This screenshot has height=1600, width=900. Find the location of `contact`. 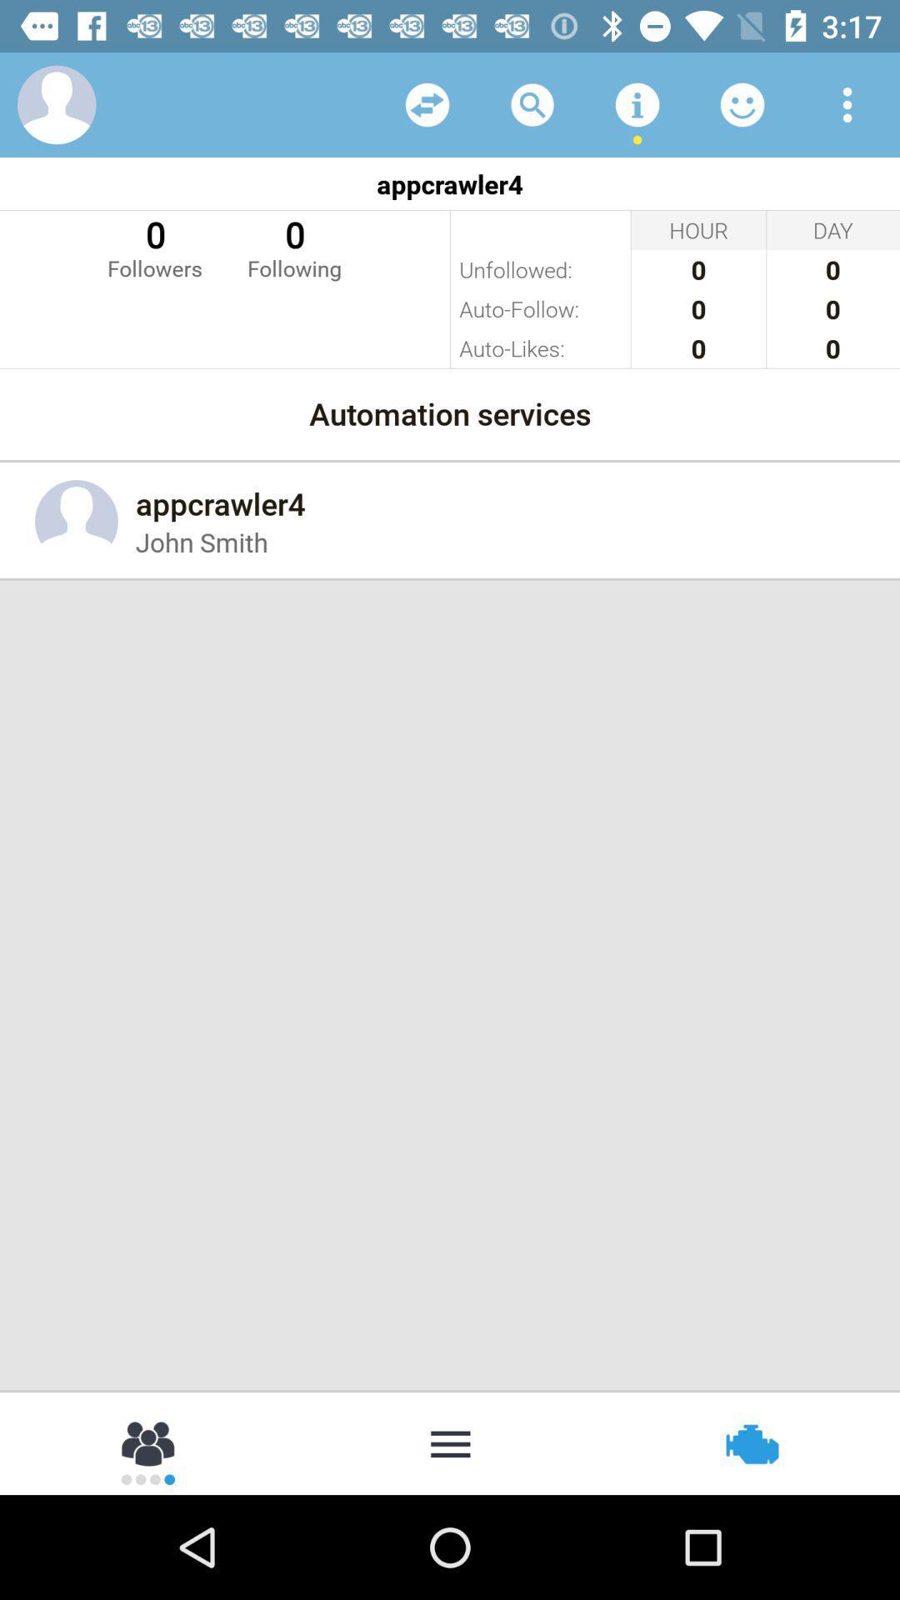

contact is located at coordinates (56, 103).